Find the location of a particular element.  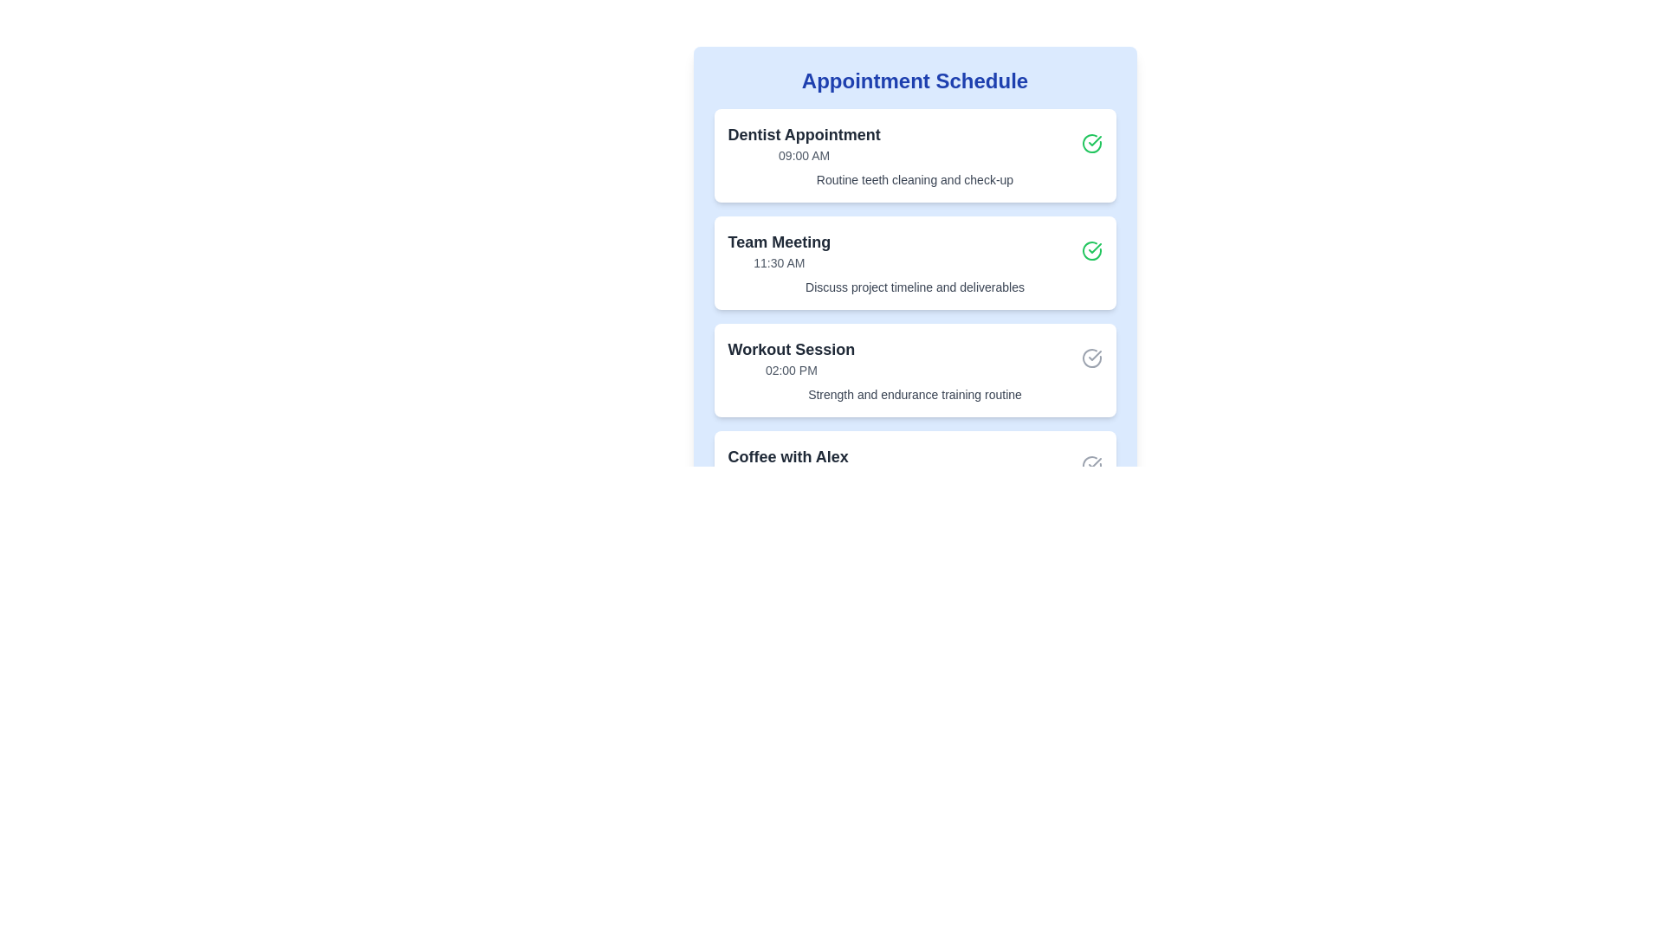

the green circular icon with a checkmark, located on the right-hand side of the row containing 'Team Meeting' and '11:30 AM' is located at coordinates (1090, 250).